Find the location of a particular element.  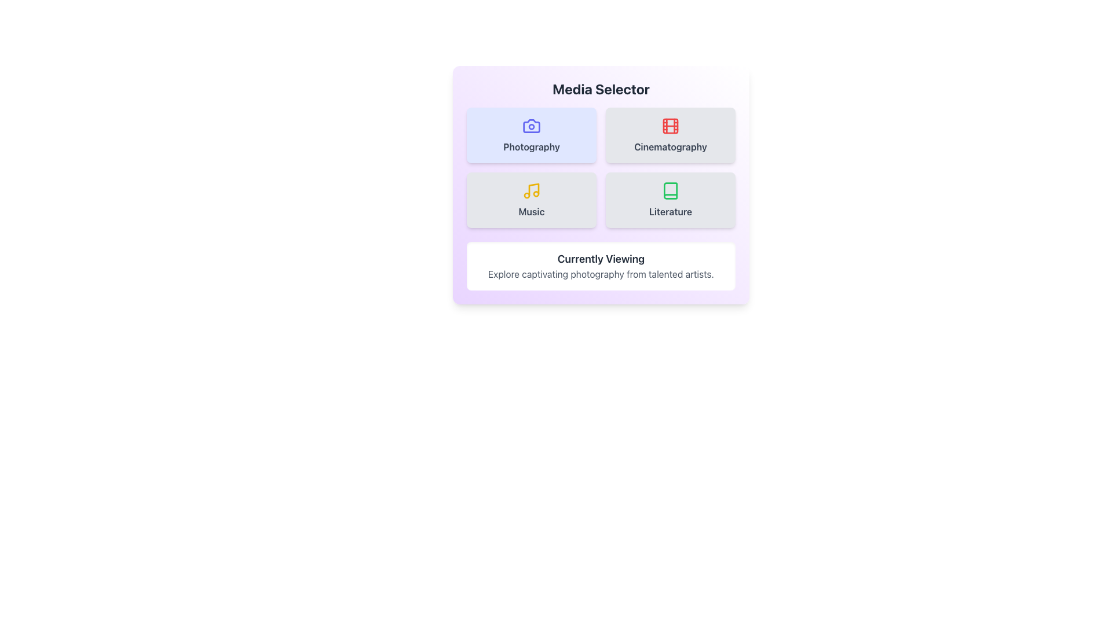

the musical note icon with a yellow stroke inside the gray square button labeled 'Music' located in the lower-left section of the Media Selector interface is located at coordinates (533, 189).